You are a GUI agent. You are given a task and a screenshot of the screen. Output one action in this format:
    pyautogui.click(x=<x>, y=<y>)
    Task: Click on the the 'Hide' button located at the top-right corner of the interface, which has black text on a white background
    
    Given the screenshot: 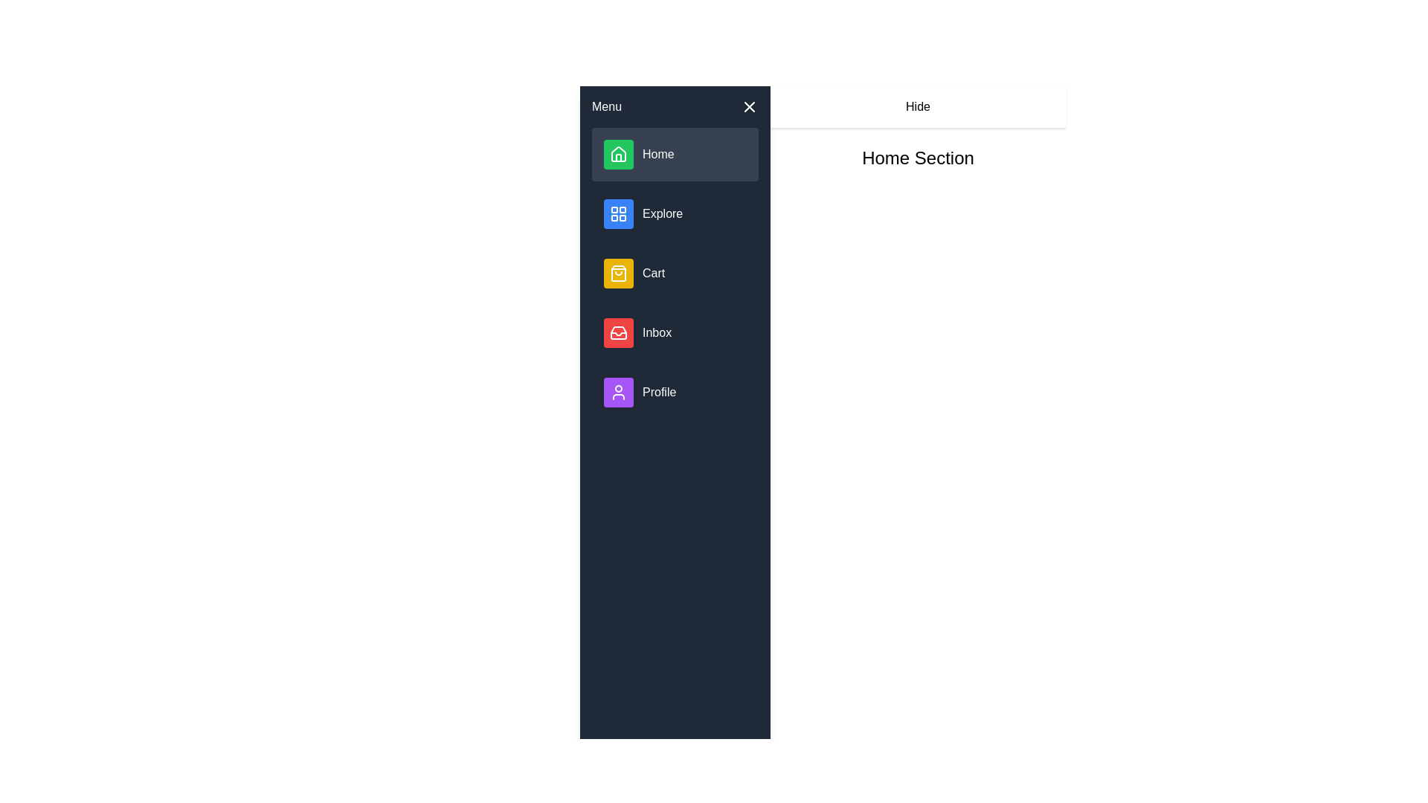 What is the action you would take?
    pyautogui.click(x=917, y=106)
    